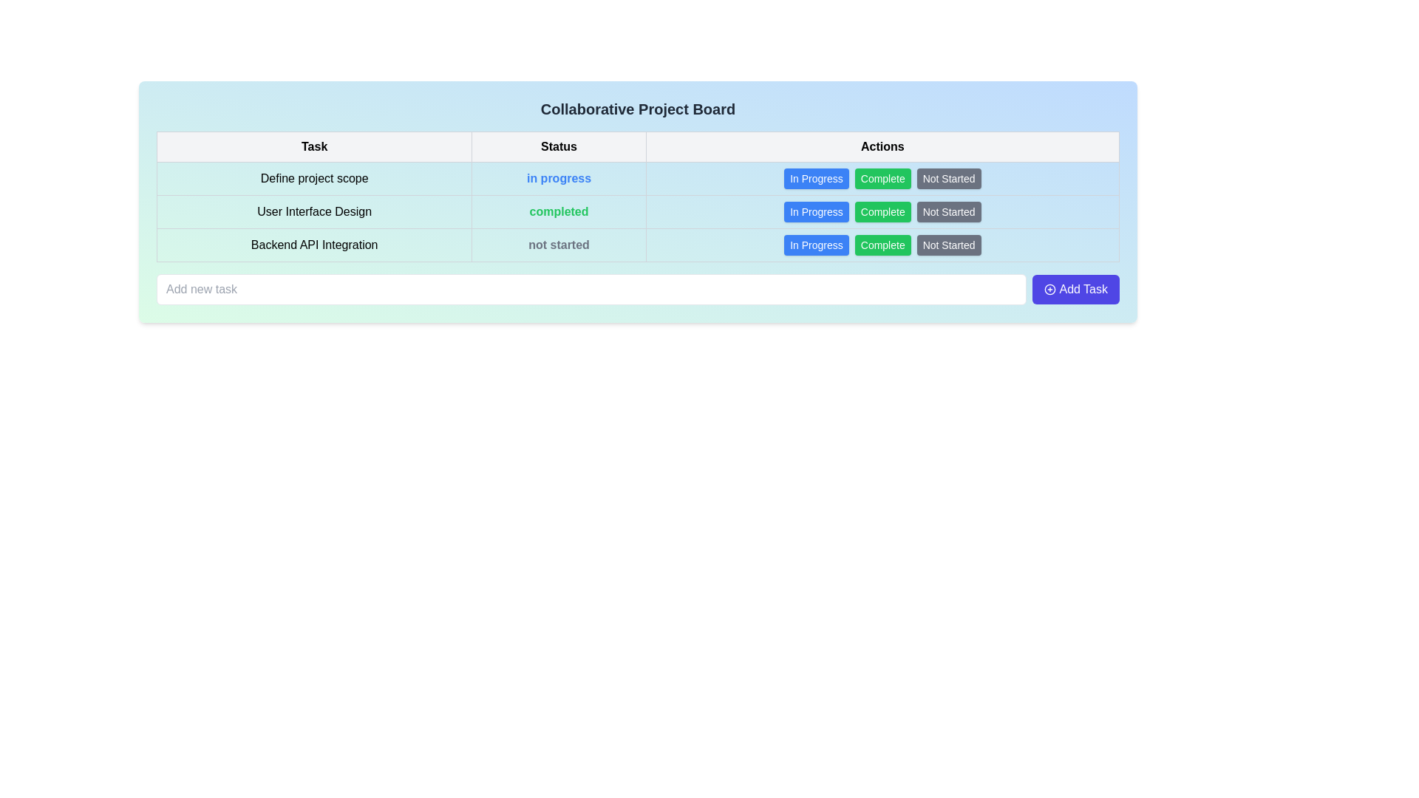 This screenshot has width=1419, height=798. Describe the element at coordinates (815, 244) in the screenshot. I see `the 'In Progress' button in the 'Actions' row of the 'Collaborative Project Board' table` at that location.